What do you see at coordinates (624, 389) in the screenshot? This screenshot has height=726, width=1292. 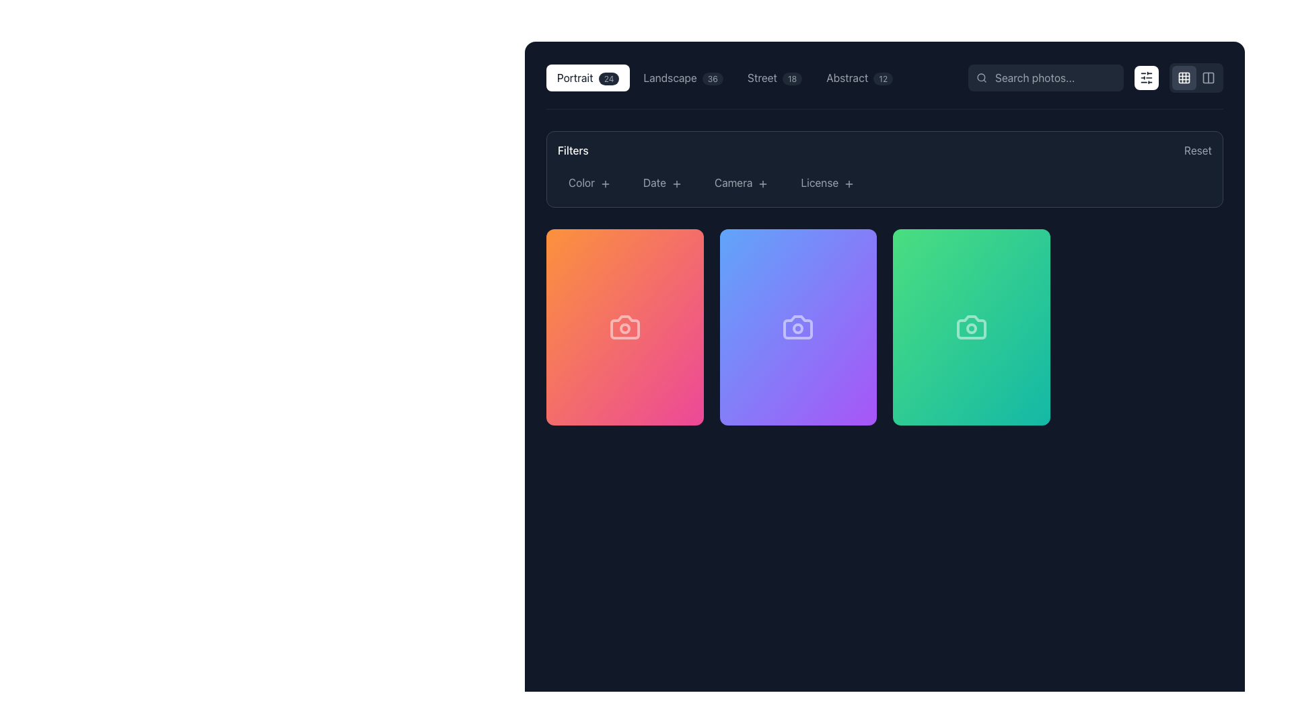 I see `the Card footer component titled 'Mountain Sunrise' located at the bottom of the first card in a three-column grid layout` at bounding box center [624, 389].